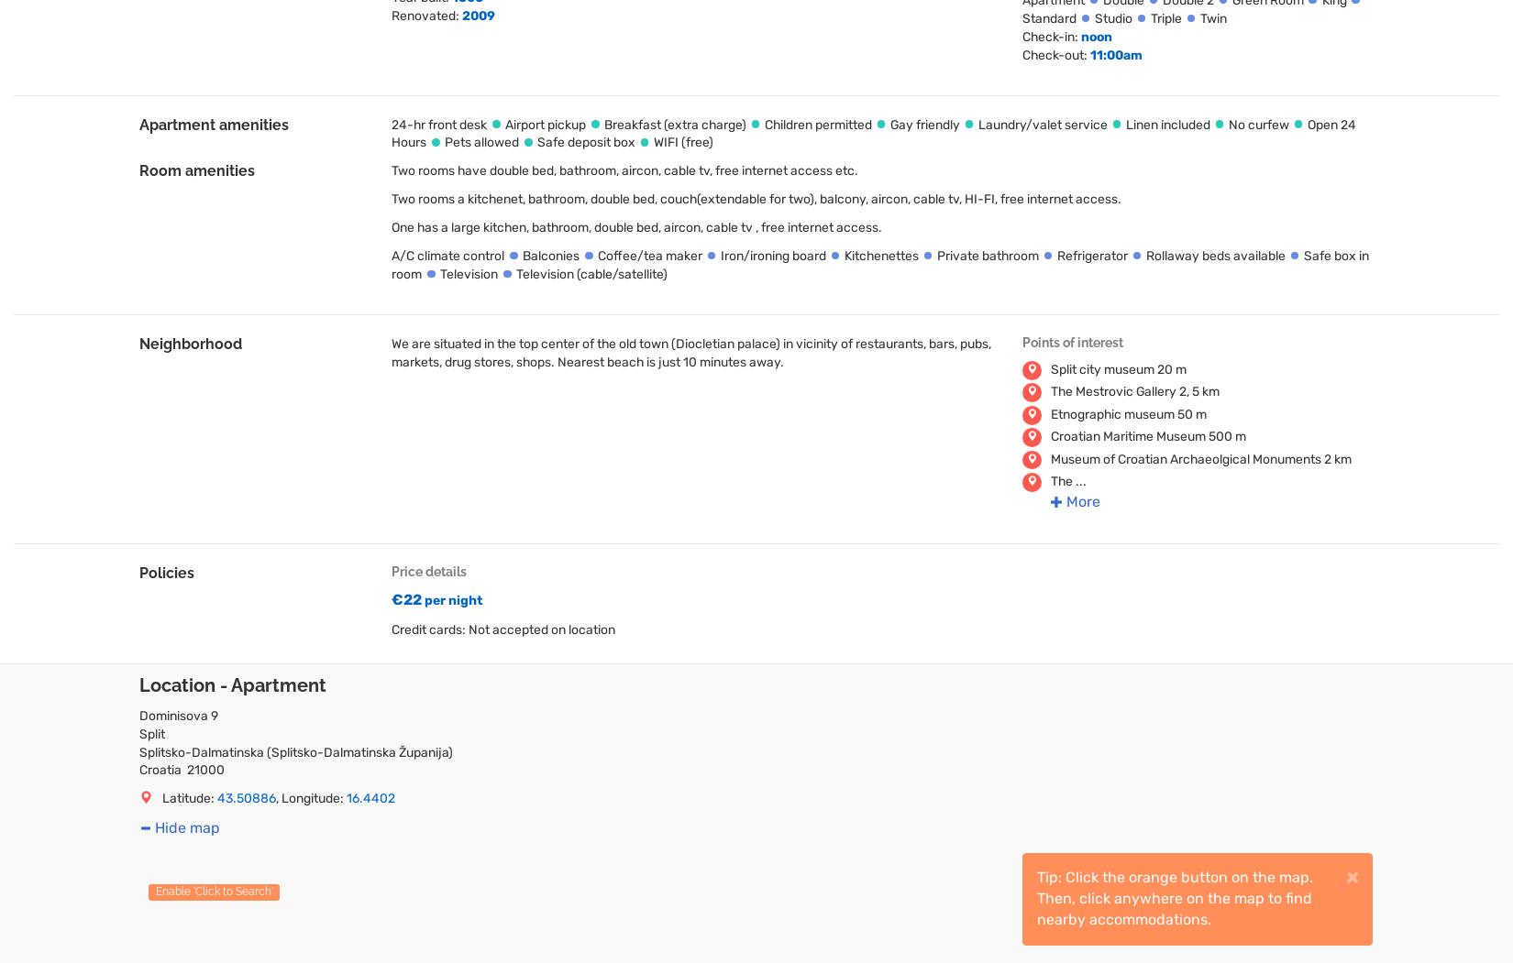  Describe the element at coordinates (924, 122) in the screenshot. I see `'Gay friendly'` at that location.